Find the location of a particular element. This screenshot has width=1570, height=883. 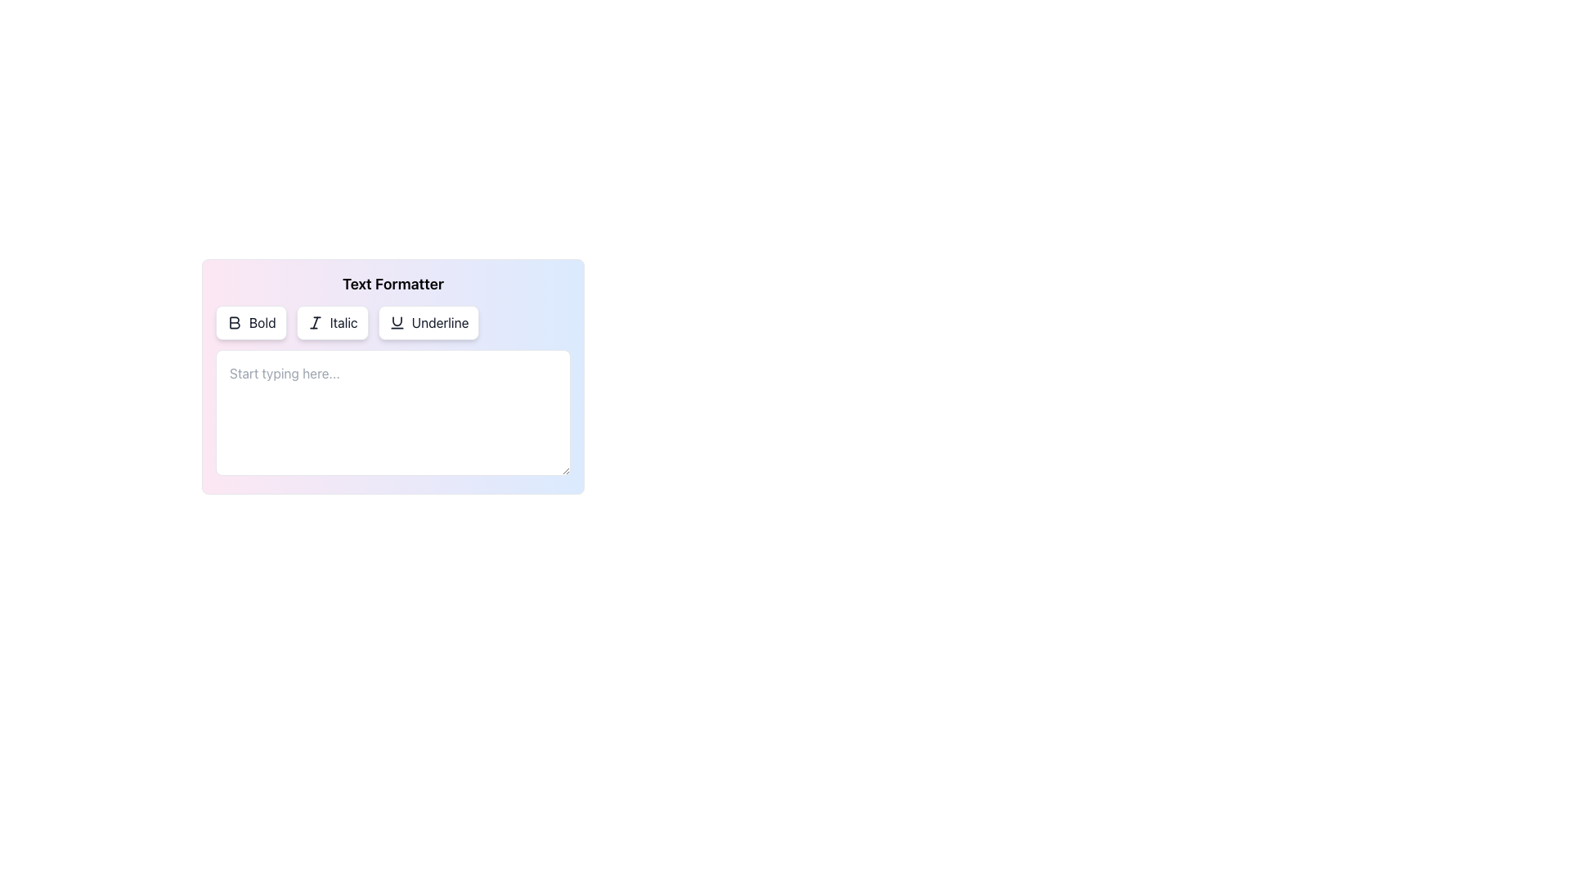

the bolded heading text labeled 'Text Formatter' which is centrally positioned within a gradient background box is located at coordinates (392, 283).